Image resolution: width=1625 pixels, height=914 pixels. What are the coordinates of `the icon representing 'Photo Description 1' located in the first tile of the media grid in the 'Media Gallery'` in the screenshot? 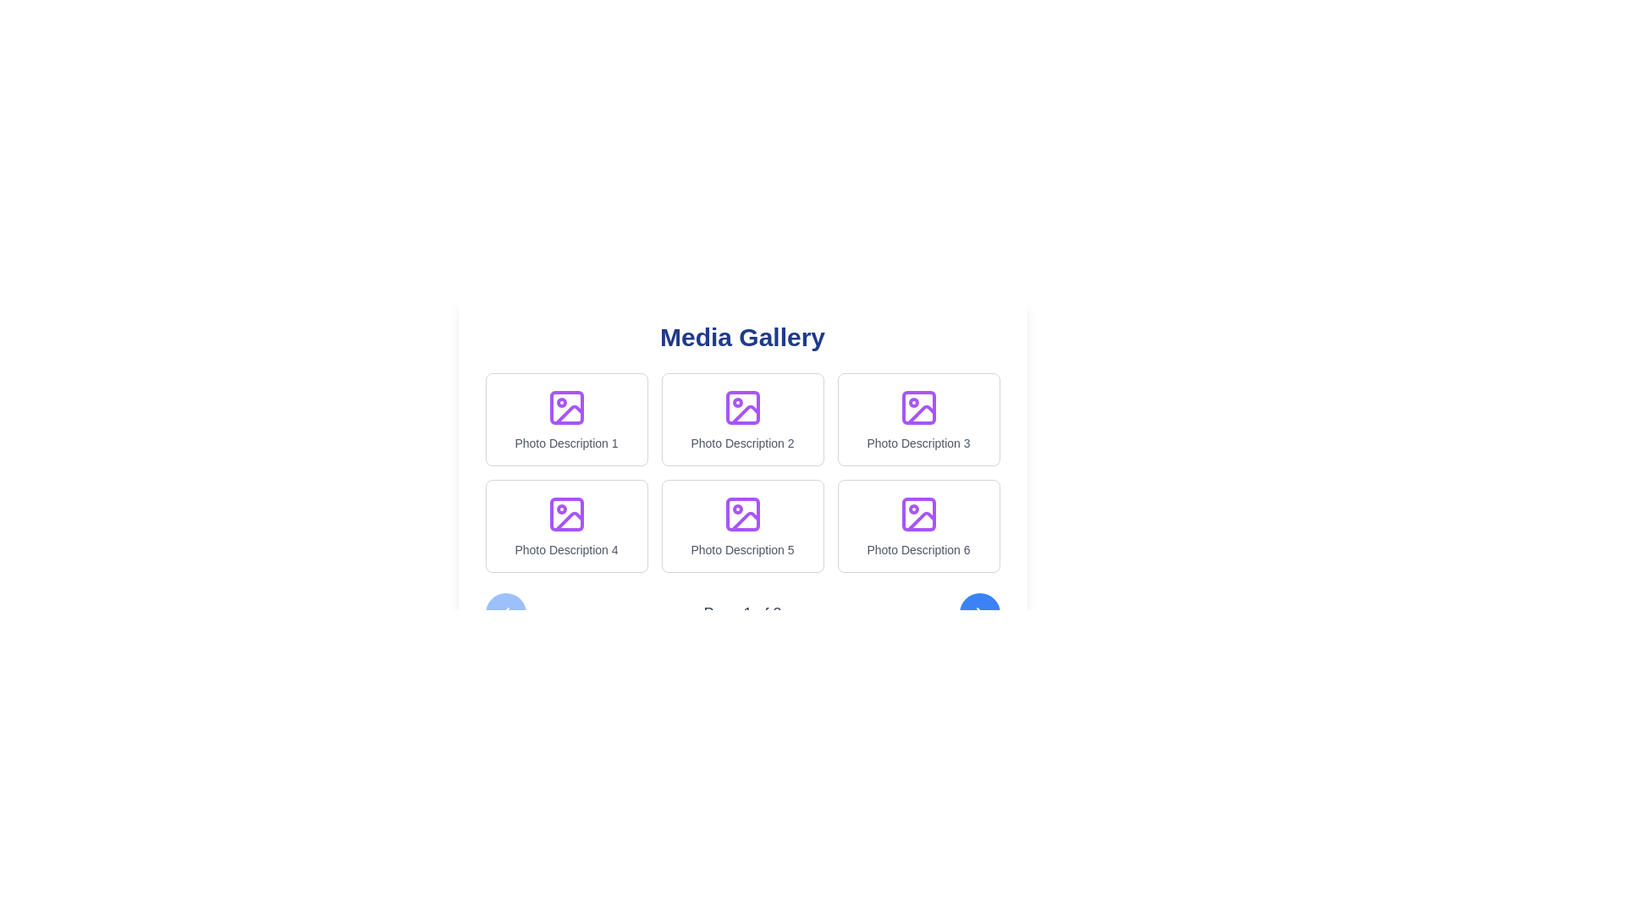 It's located at (566, 408).